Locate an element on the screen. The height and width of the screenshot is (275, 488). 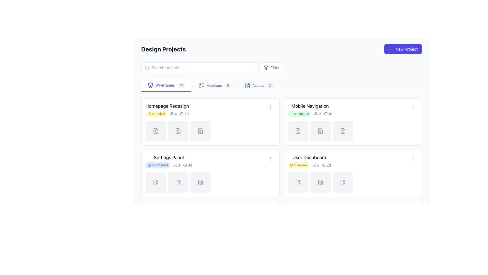
the small, rounded rectangular badge displaying the number '24', which is located to the right of the 'Assets' tab in the toolbar is located at coordinates (270, 85).